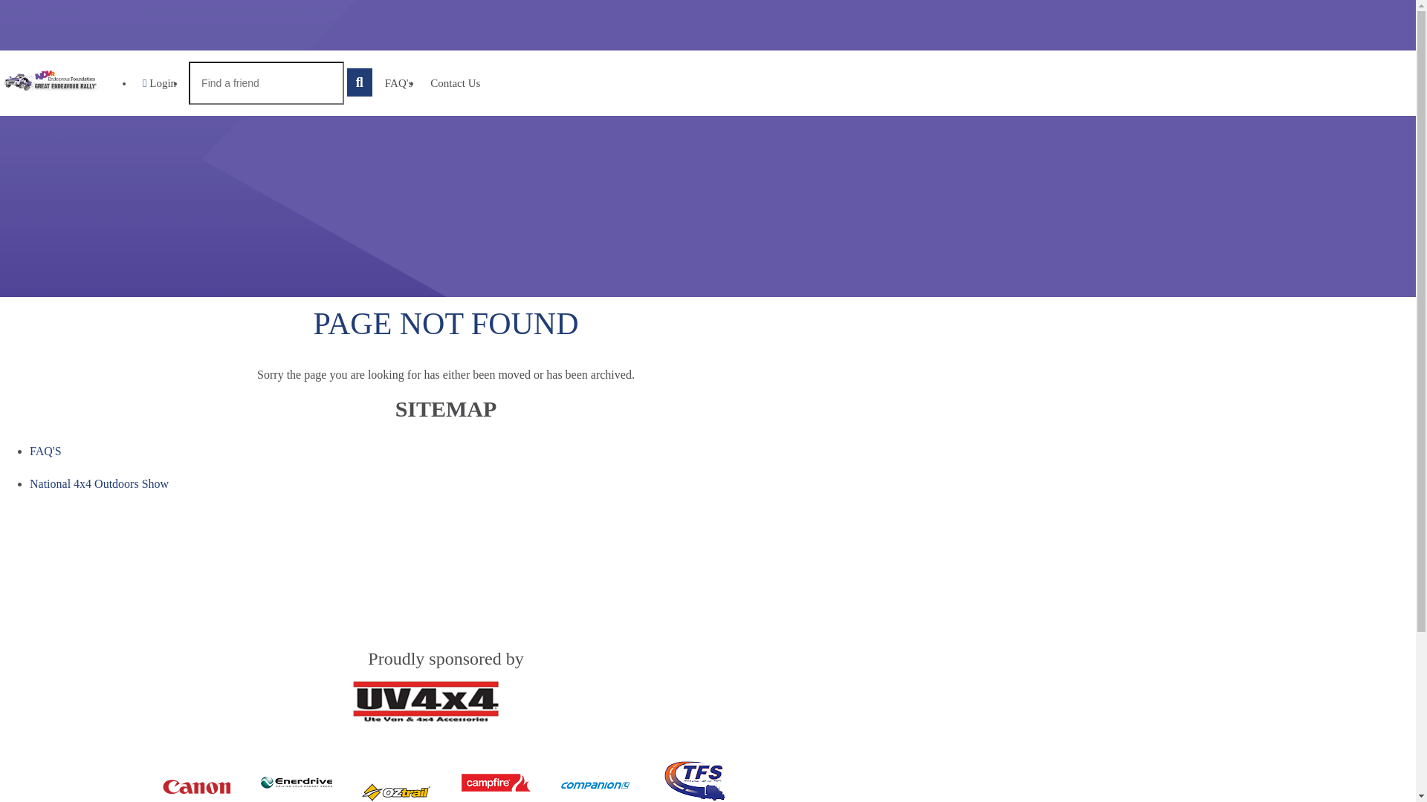 This screenshot has height=802, width=1427. Describe the element at coordinates (98, 483) in the screenshot. I see `'National 4x4 Outdoors Show'` at that location.